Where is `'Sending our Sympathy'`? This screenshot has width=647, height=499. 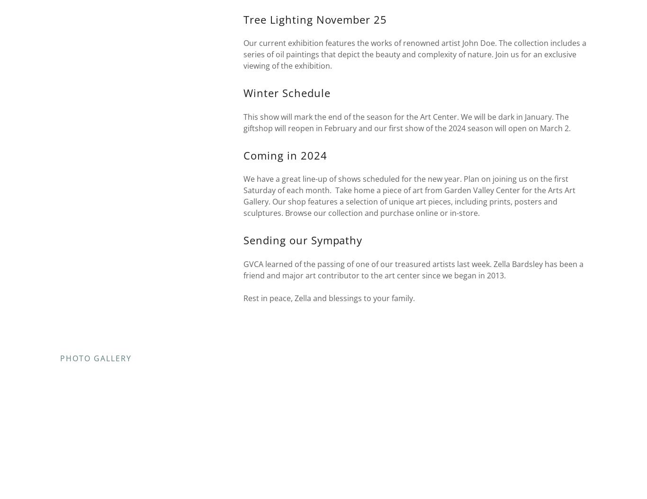 'Sending our Sympathy' is located at coordinates (302, 239).